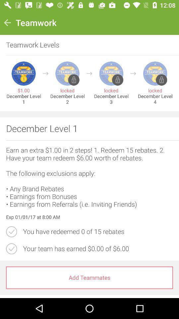 This screenshot has width=179, height=319. What do you see at coordinates (89, 277) in the screenshot?
I see `the add teammates icon` at bounding box center [89, 277].